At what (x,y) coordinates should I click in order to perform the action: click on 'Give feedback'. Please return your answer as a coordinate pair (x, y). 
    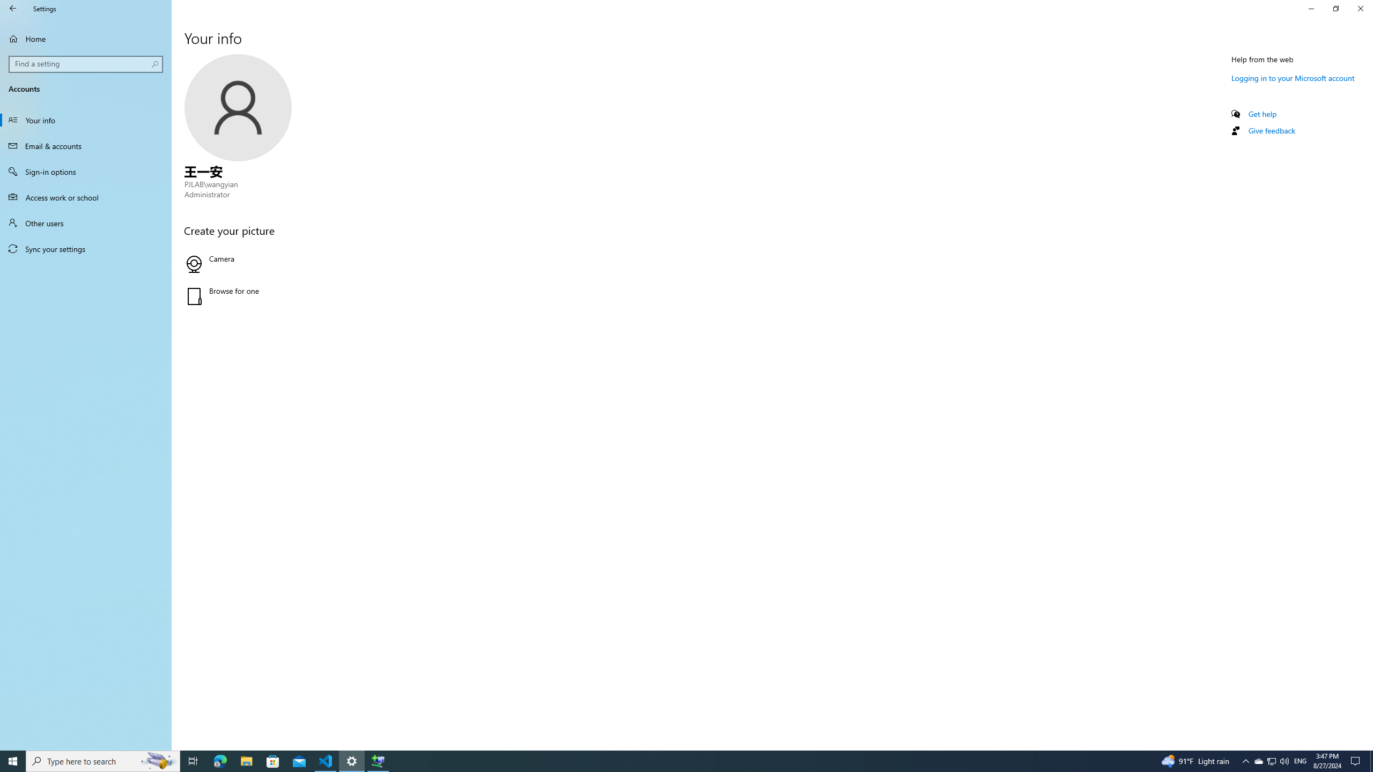
    Looking at the image, I should click on (1271, 130).